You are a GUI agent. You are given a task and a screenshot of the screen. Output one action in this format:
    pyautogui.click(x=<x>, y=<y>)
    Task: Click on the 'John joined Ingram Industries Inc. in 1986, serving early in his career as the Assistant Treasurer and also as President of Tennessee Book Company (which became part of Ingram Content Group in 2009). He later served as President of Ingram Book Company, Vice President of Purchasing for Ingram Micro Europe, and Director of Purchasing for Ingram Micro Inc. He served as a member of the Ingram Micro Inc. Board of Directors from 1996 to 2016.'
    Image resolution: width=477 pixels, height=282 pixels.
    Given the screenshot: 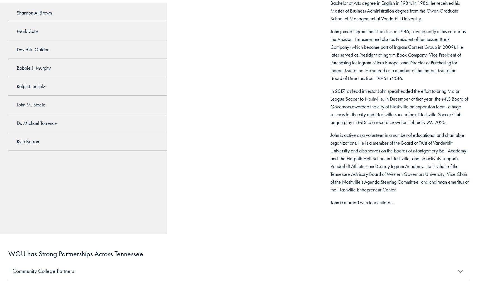 What is the action you would take?
    pyautogui.click(x=397, y=55)
    